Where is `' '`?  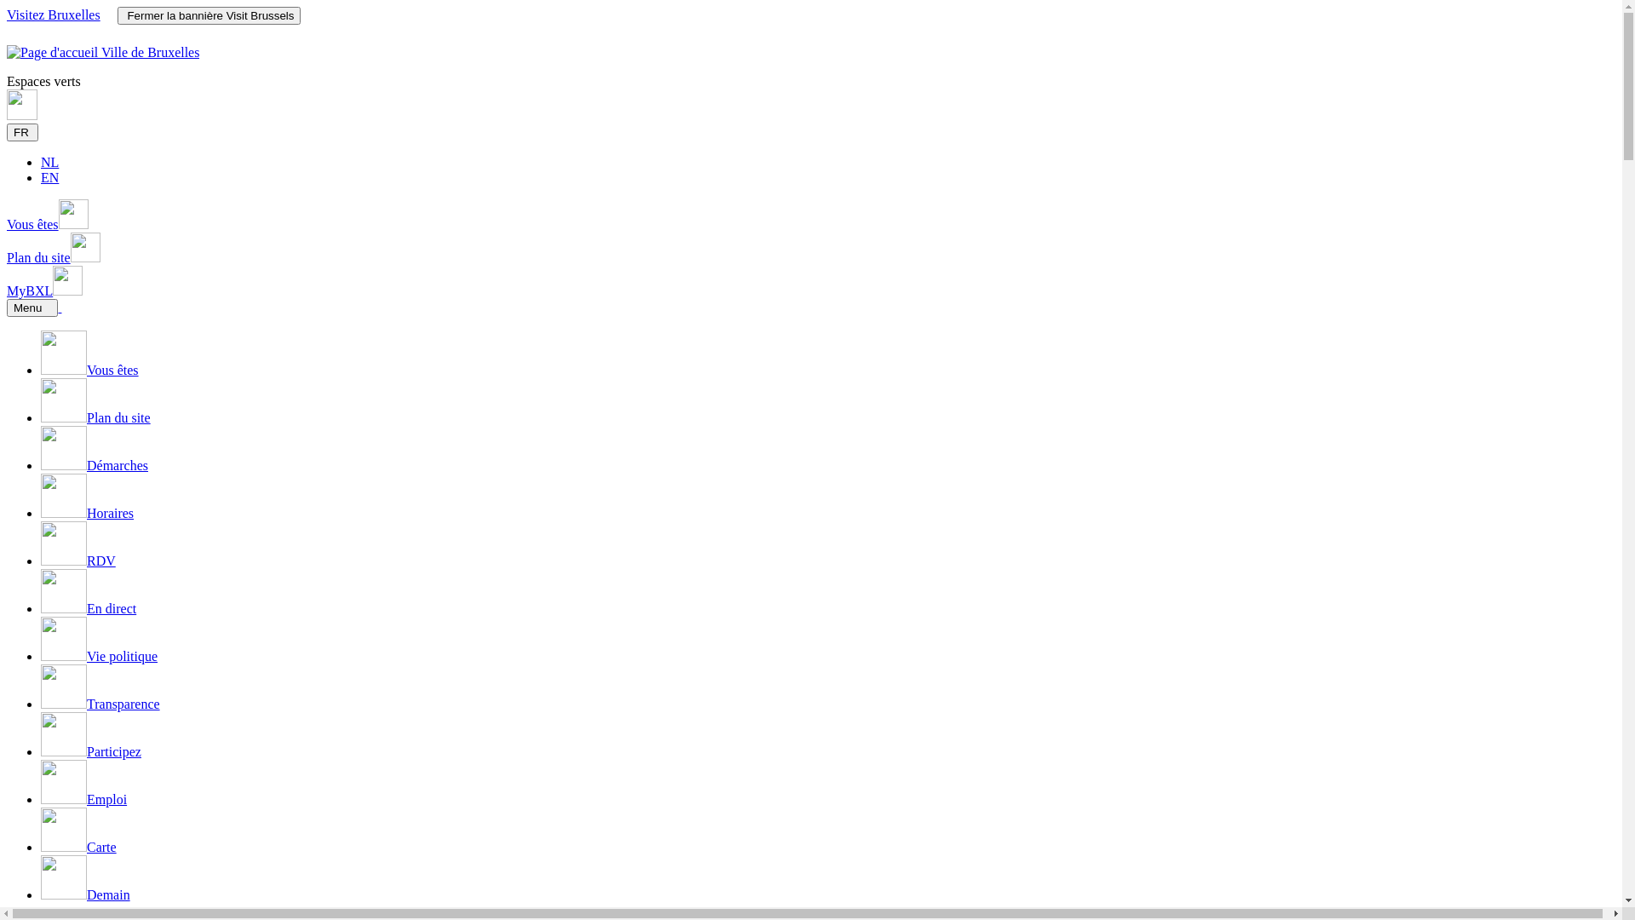 ' ' is located at coordinates (60, 307).